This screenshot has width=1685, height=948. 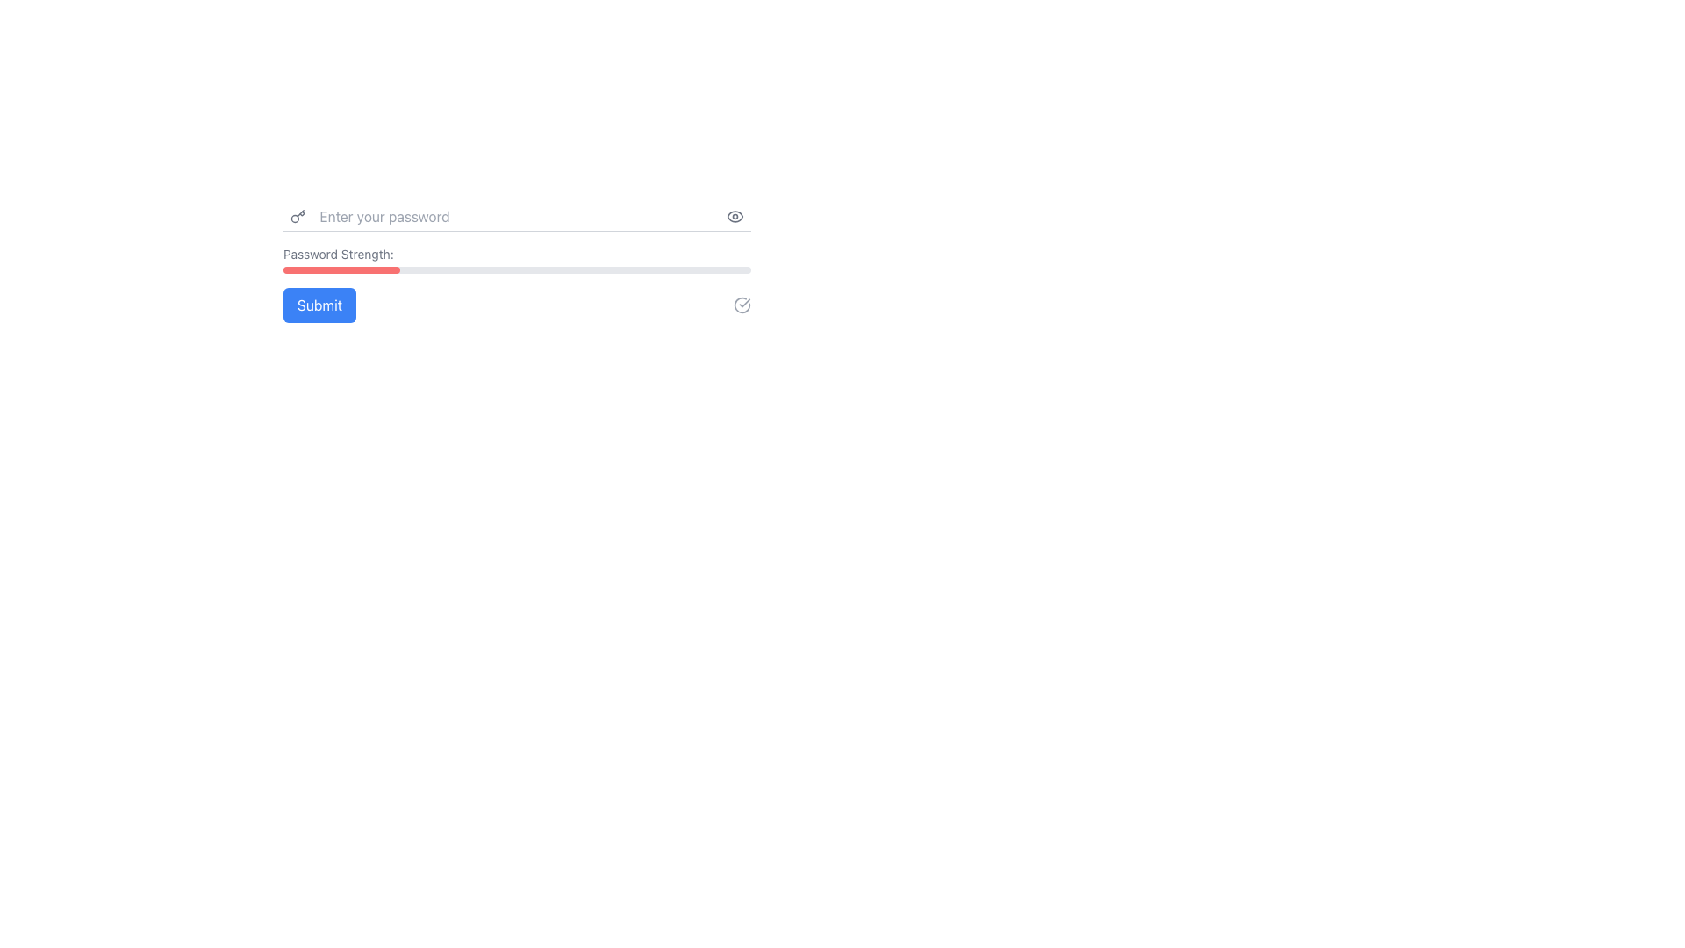 What do you see at coordinates (298, 215) in the screenshot?
I see `the key icon, which is gray and located to the left of the 'Enter your password' text input field` at bounding box center [298, 215].